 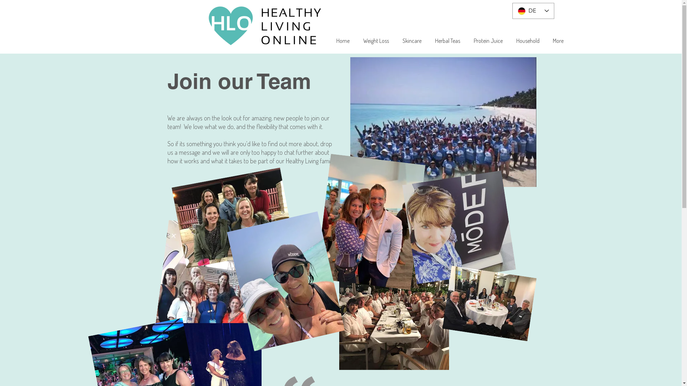 I want to click on 'Herbal Teas', so click(x=447, y=41).